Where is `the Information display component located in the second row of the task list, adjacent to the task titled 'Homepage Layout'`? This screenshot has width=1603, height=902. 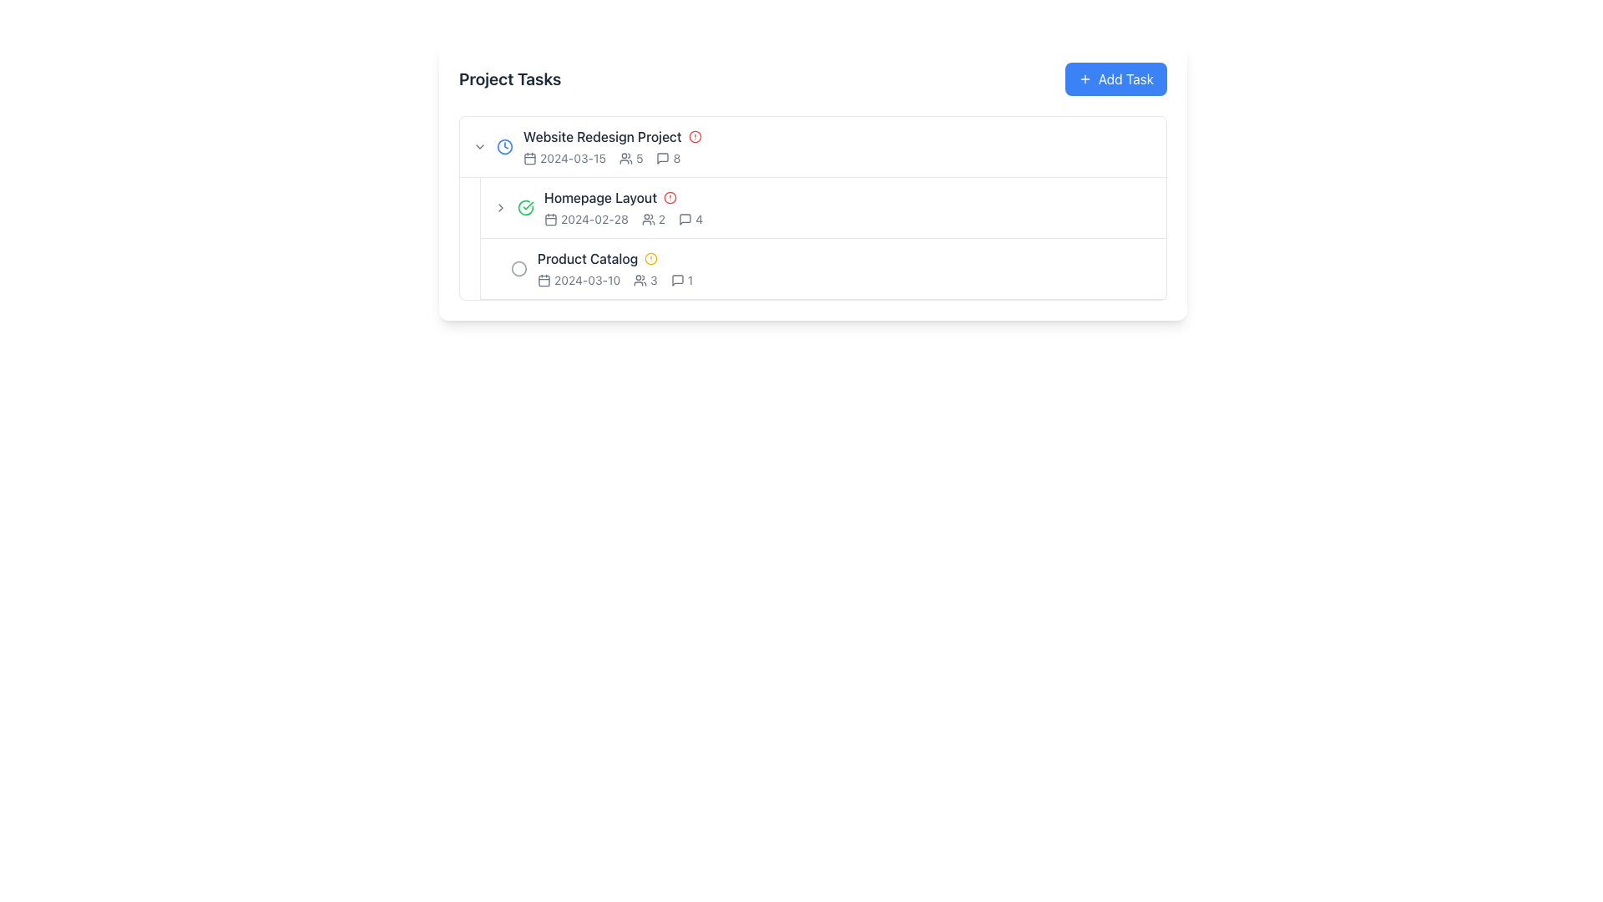 the Information display component located in the second row of the task list, adjacent to the task titled 'Homepage Layout' is located at coordinates (690, 218).